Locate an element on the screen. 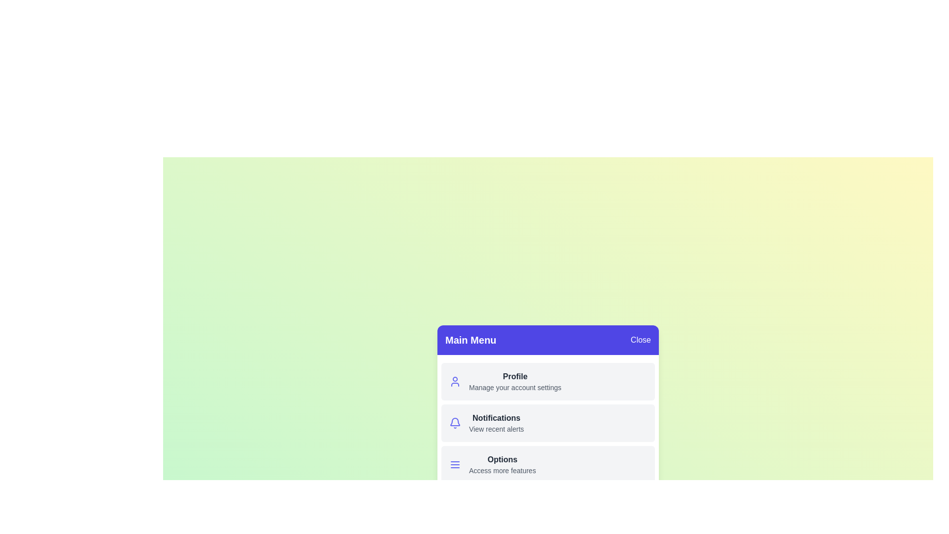 The height and width of the screenshot is (534, 949). the menu item labeled 'Profile' to observe its hover effect is located at coordinates (547, 381).